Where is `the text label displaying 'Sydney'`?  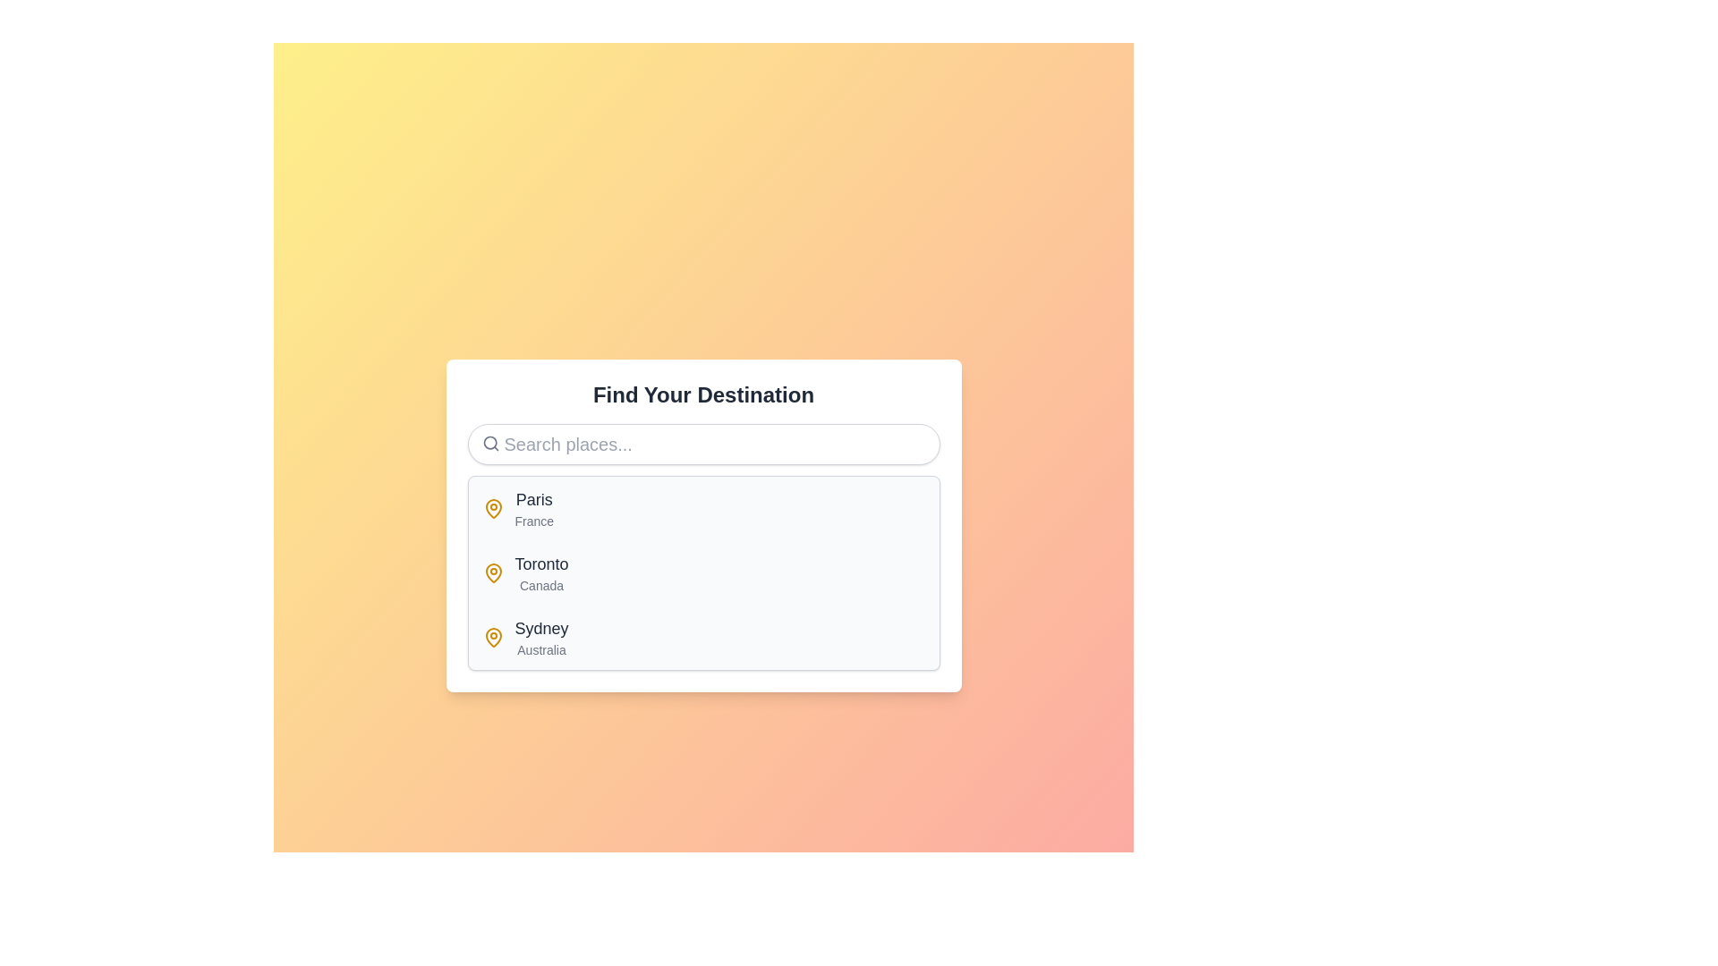
the text label displaying 'Sydney' is located at coordinates (540, 627).